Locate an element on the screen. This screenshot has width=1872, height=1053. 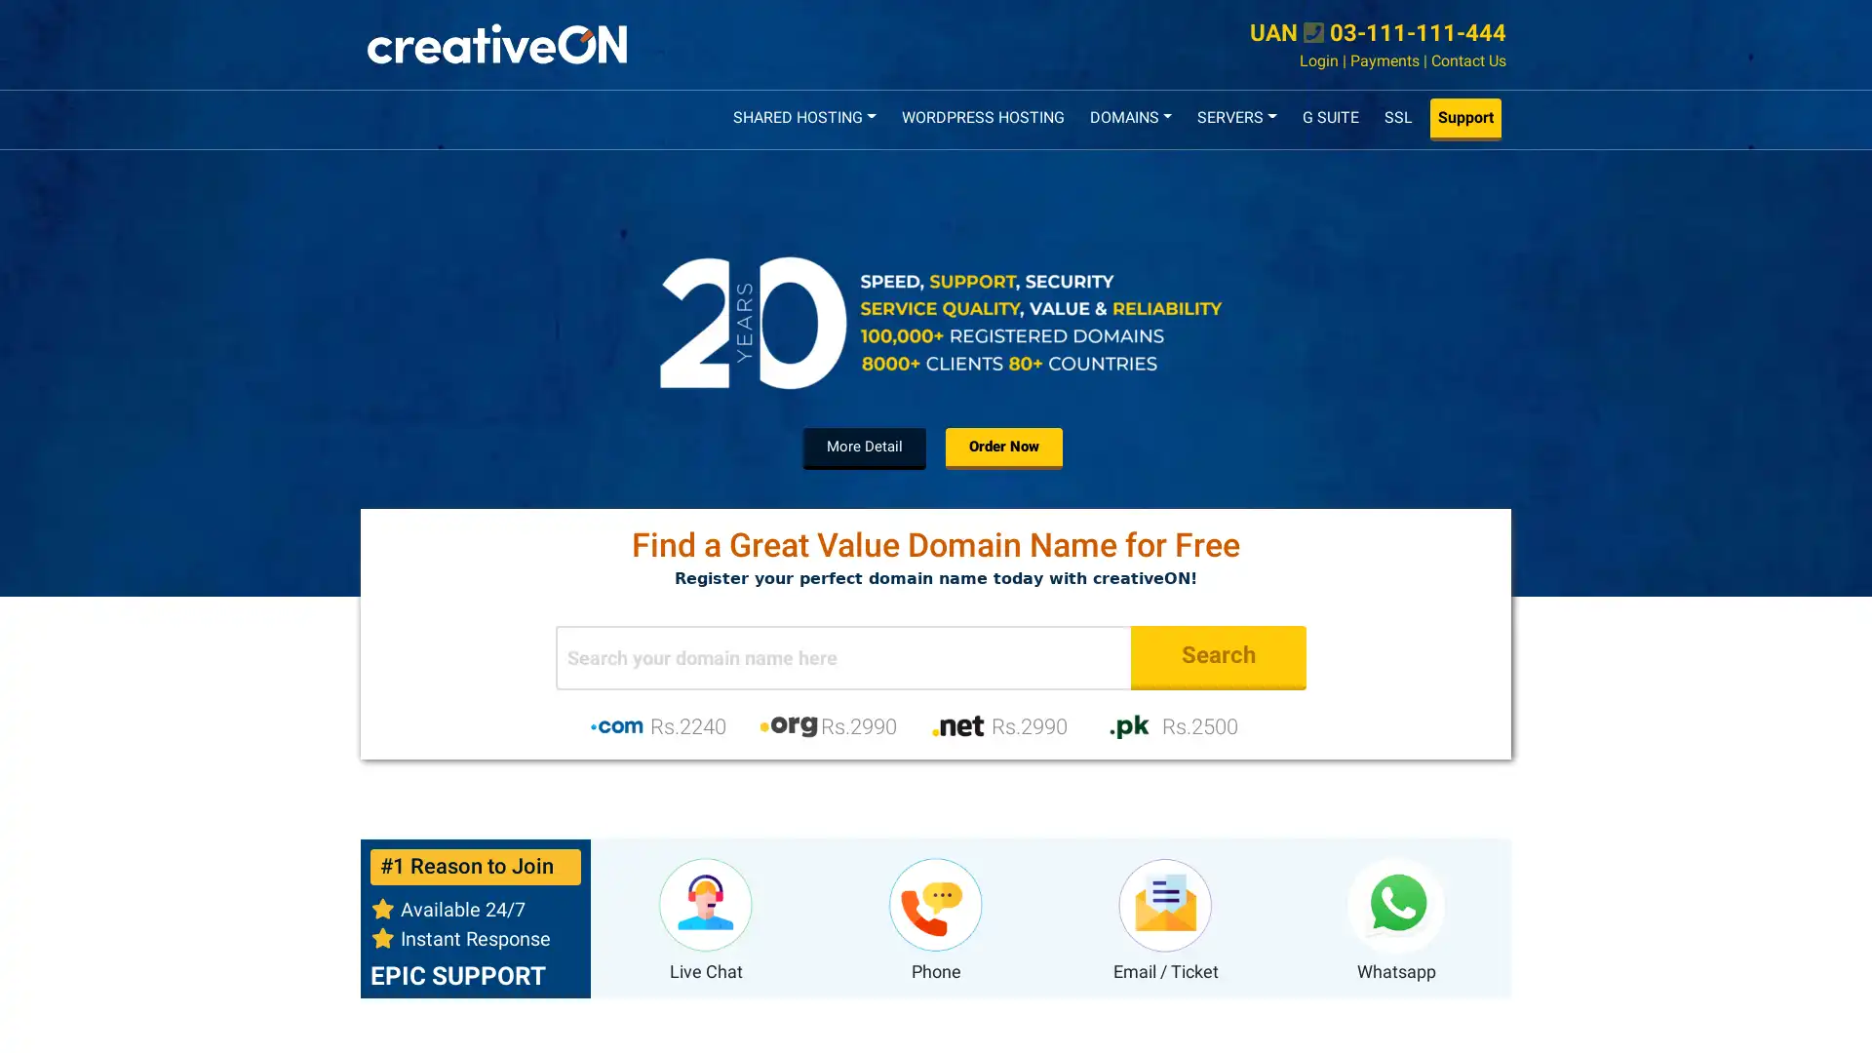
More Detail is located at coordinates (864, 448).